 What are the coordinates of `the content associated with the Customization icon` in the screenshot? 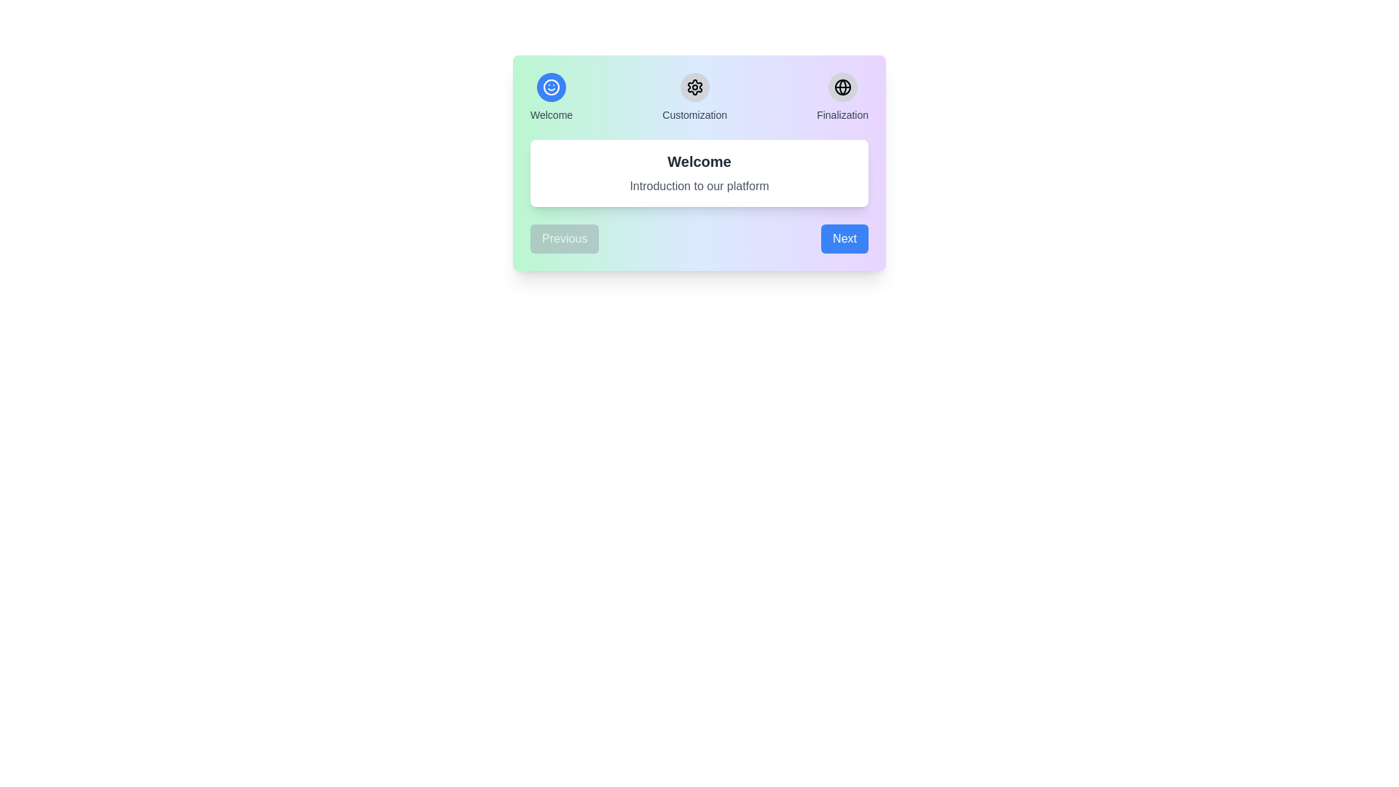 It's located at (694, 87).